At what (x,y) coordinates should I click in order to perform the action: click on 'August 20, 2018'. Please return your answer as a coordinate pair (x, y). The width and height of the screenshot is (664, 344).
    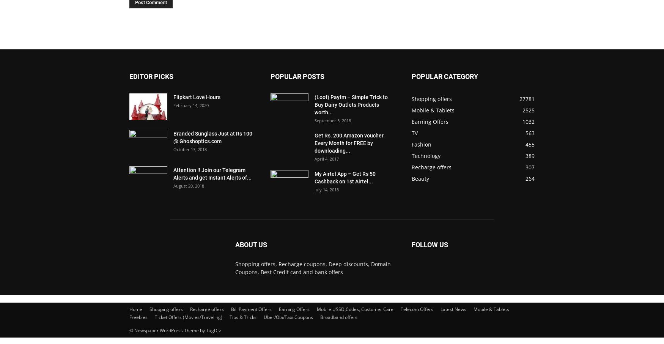
    Looking at the image, I should click on (189, 185).